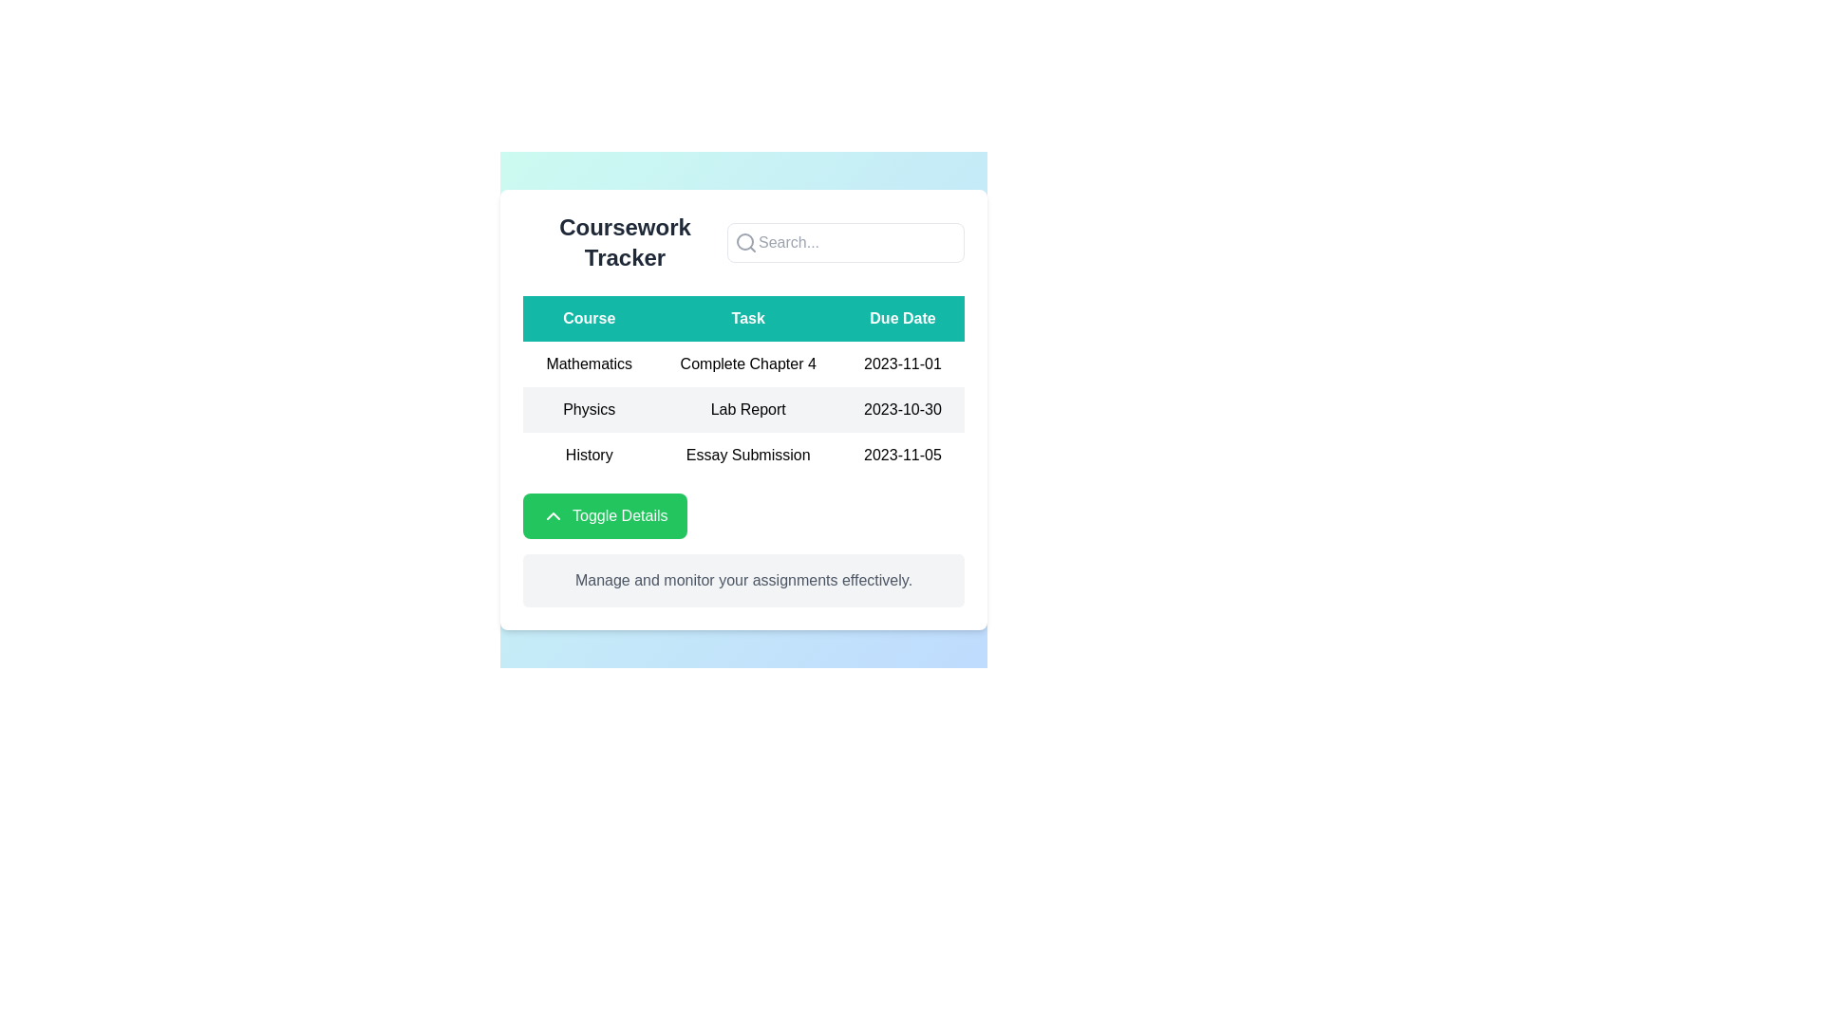 The height and width of the screenshot is (1025, 1823). Describe the element at coordinates (742, 455) in the screenshot. I see `the third row of the table displaying the coursework task 'Essay Submission' for 'History' with a due date of '2023-11-05'` at that location.